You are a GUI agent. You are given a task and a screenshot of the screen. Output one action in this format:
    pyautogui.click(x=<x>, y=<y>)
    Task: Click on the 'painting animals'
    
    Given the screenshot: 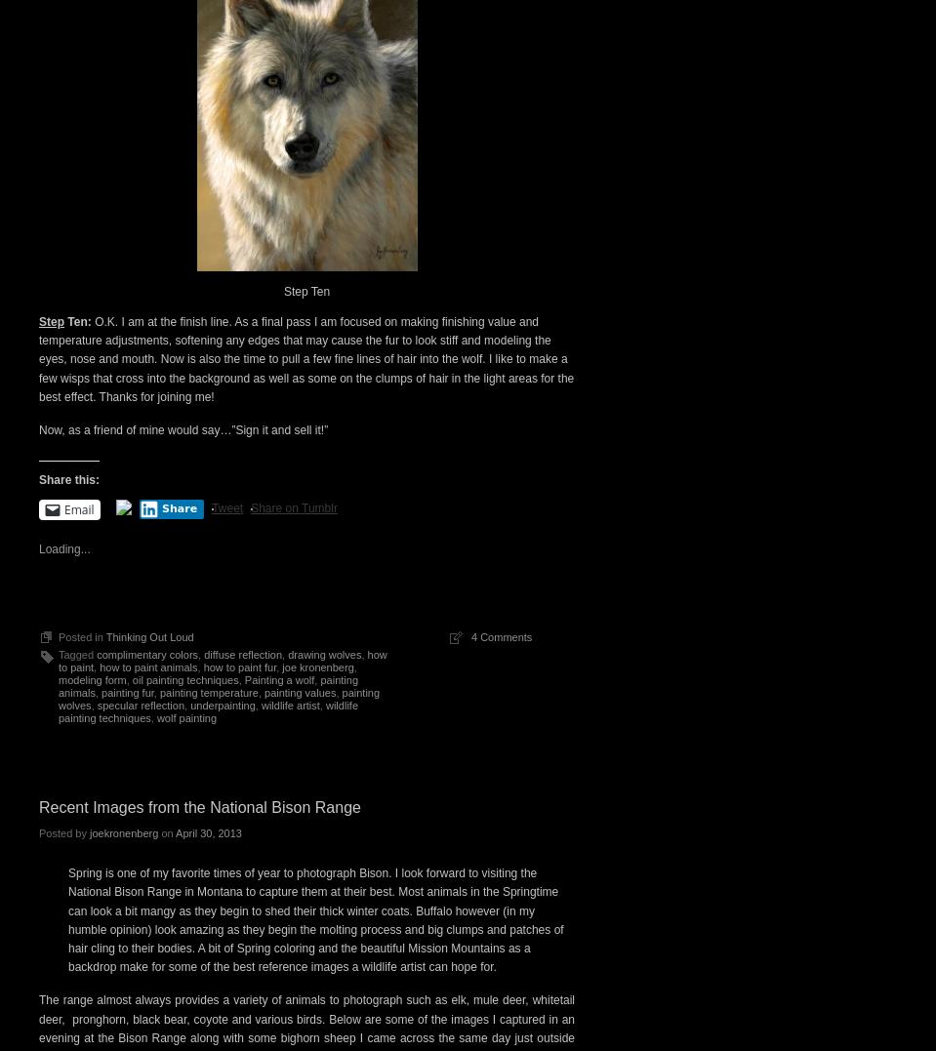 What is the action you would take?
    pyautogui.click(x=208, y=684)
    